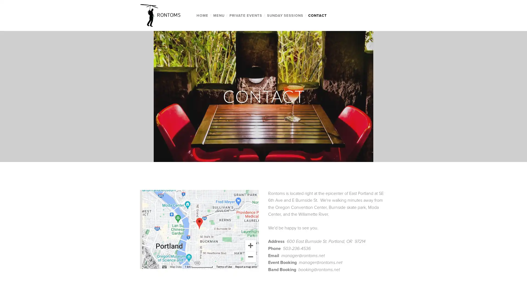 The height and width of the screenshot is (296, 527). What do you see at coordinates (199, 223) in the screenshot?
I see `600 East Burnside Street Portland, OR, 97214, United States` at bounding box center [199, 223].